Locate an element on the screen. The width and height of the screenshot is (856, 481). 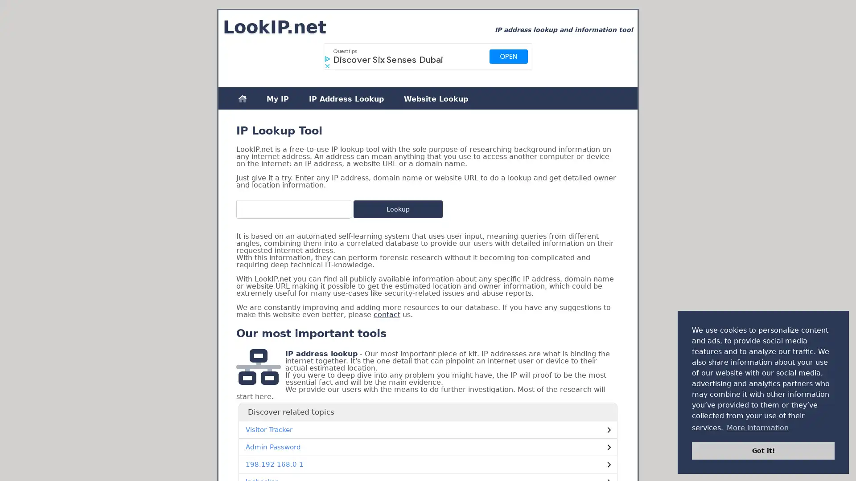
dismiss cookie message is located at coordinates (763, 450).